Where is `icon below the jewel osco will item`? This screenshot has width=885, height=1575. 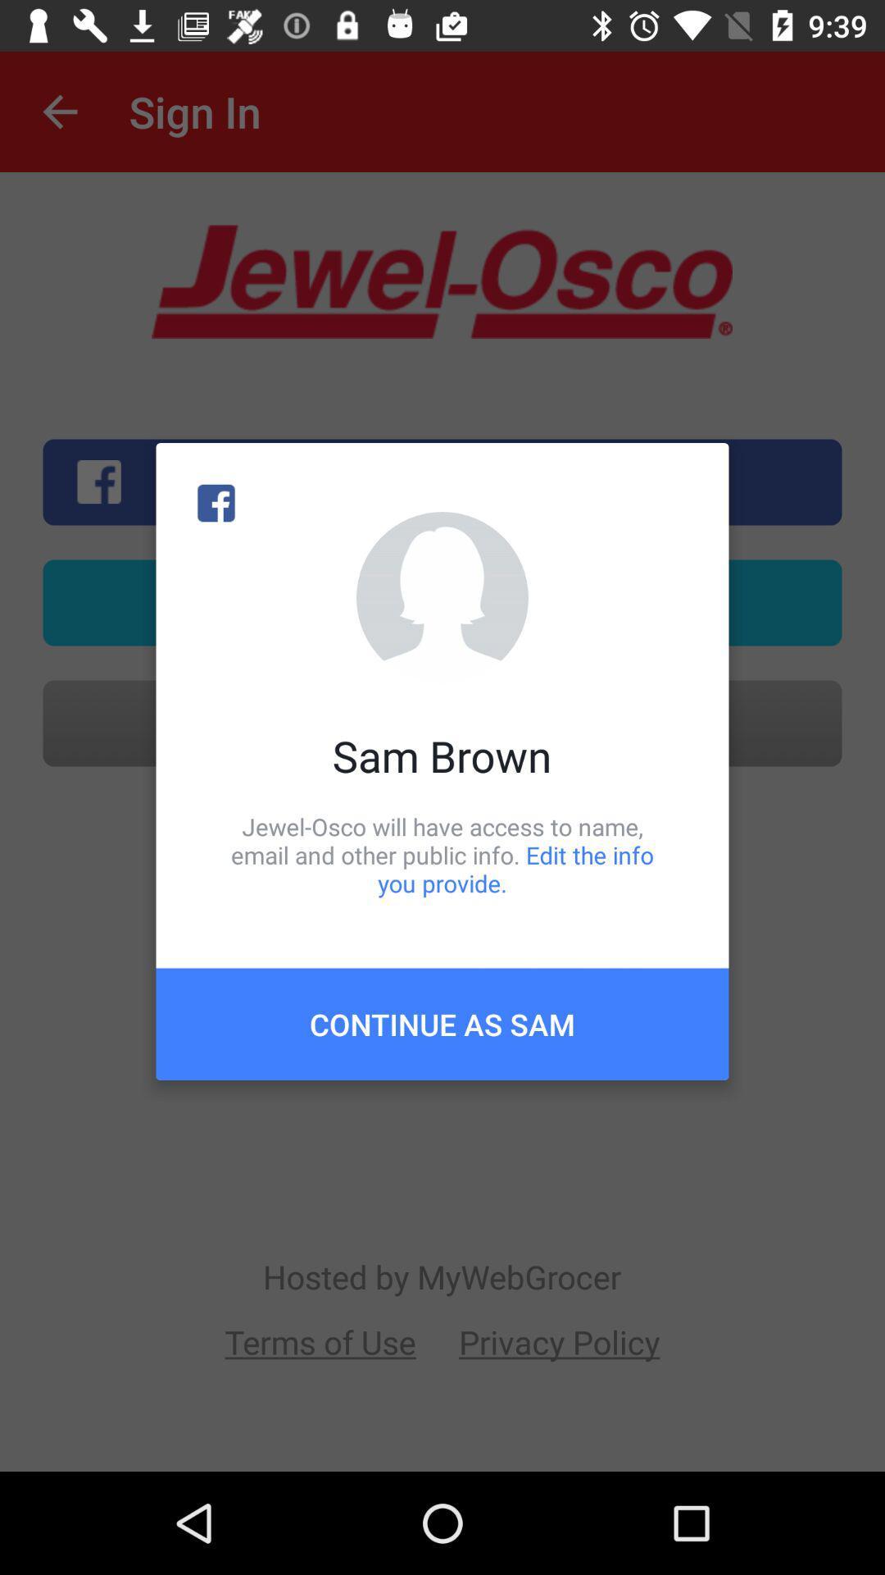
icon below the jewel osco will item is located at coordinates (442, 1023).